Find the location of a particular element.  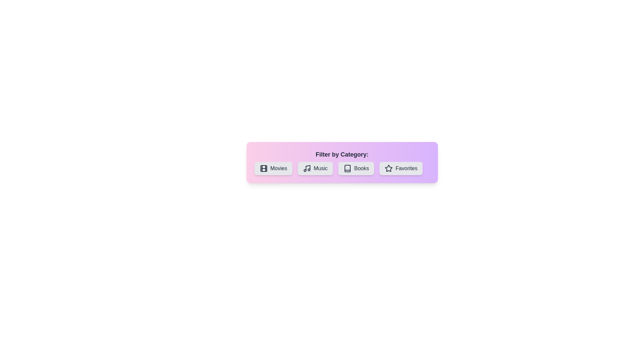

the 'Movies' button to toggle its selected state is located at coordinates (273, 168).